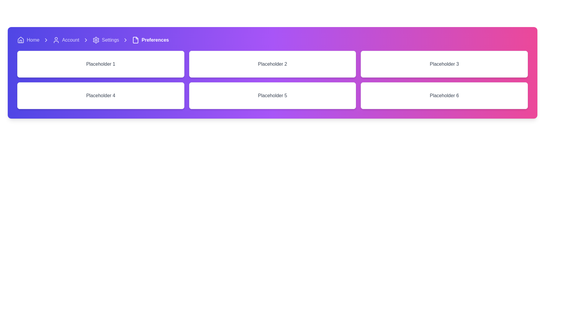 The image size is (571, 321). What do you see at coordinates (21, 40) in the screenshot?
I see `the house-shaped icon located at the upper-left corner of the navigation bar` at bounding box center [21, 40].